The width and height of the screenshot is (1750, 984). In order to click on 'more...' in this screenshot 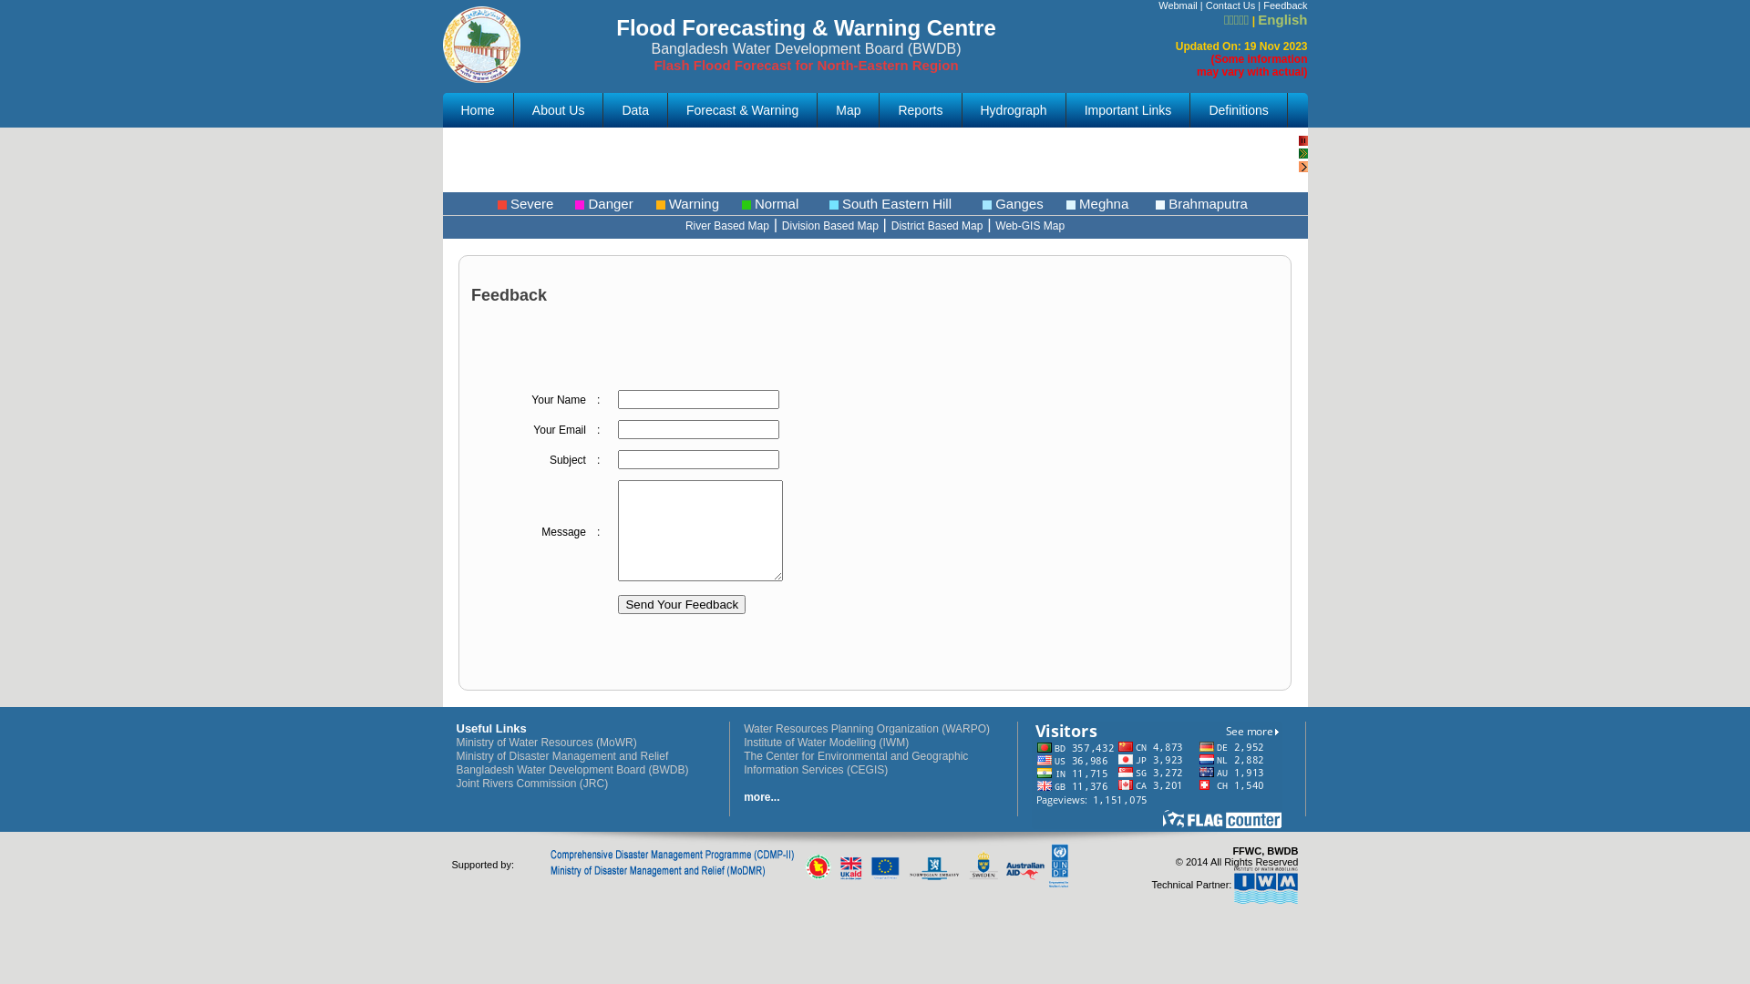, I will do `click(761, 796)`.